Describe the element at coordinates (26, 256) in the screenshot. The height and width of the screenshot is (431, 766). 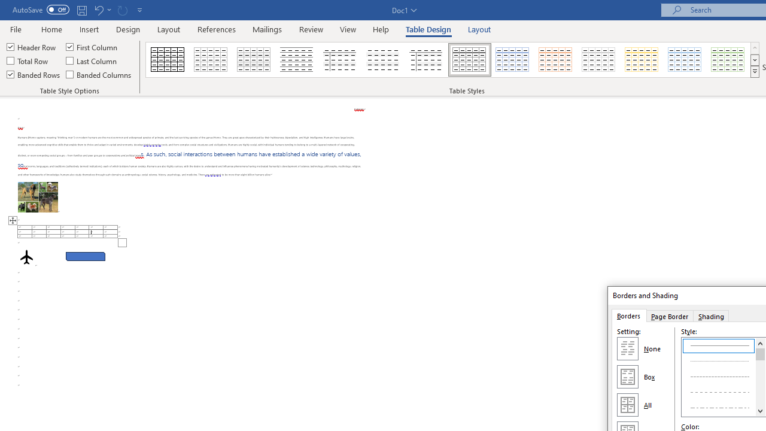
I see `'Airplane with solid fill'` at that location.